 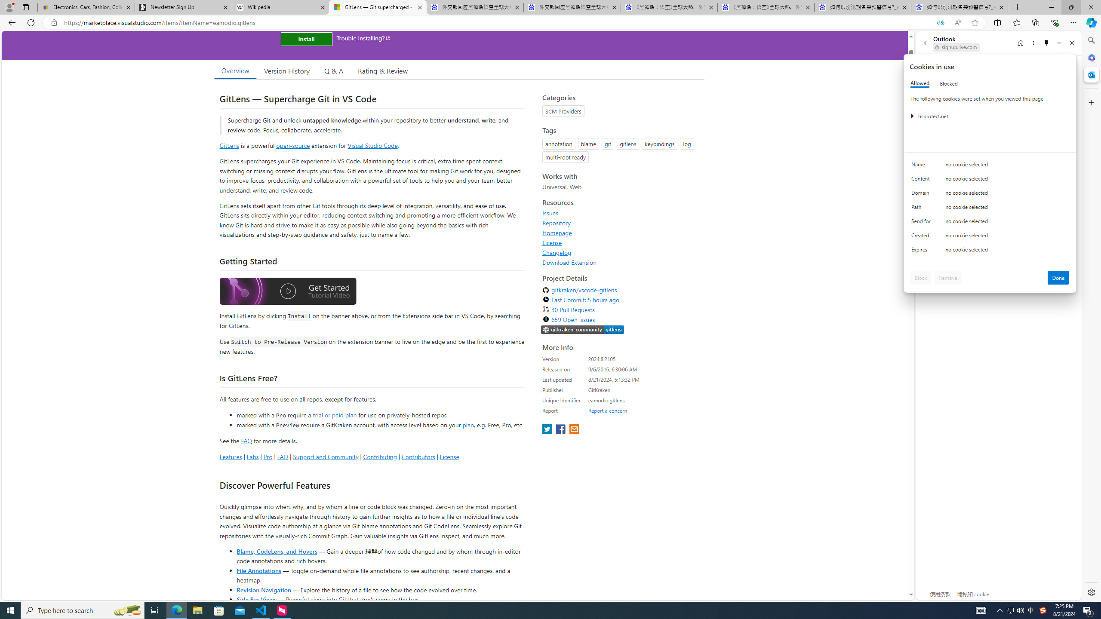 I want to click on 'Class: c0153 c0157 c0154', so click(x=990, y=166).